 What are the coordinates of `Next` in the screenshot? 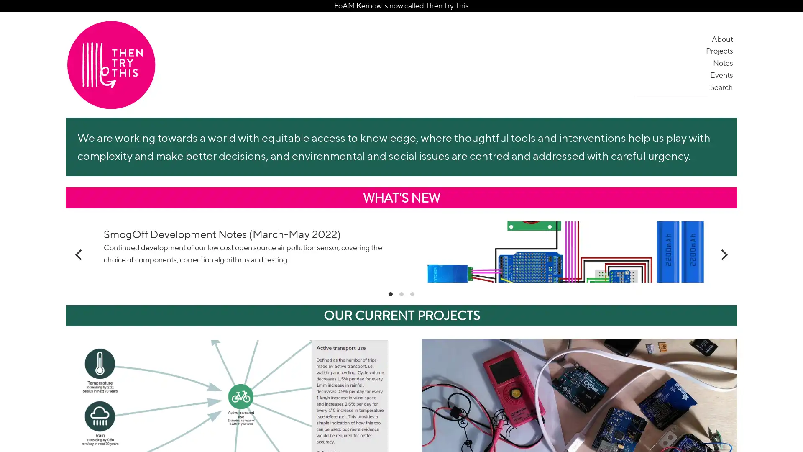 It's located at (723, 280).